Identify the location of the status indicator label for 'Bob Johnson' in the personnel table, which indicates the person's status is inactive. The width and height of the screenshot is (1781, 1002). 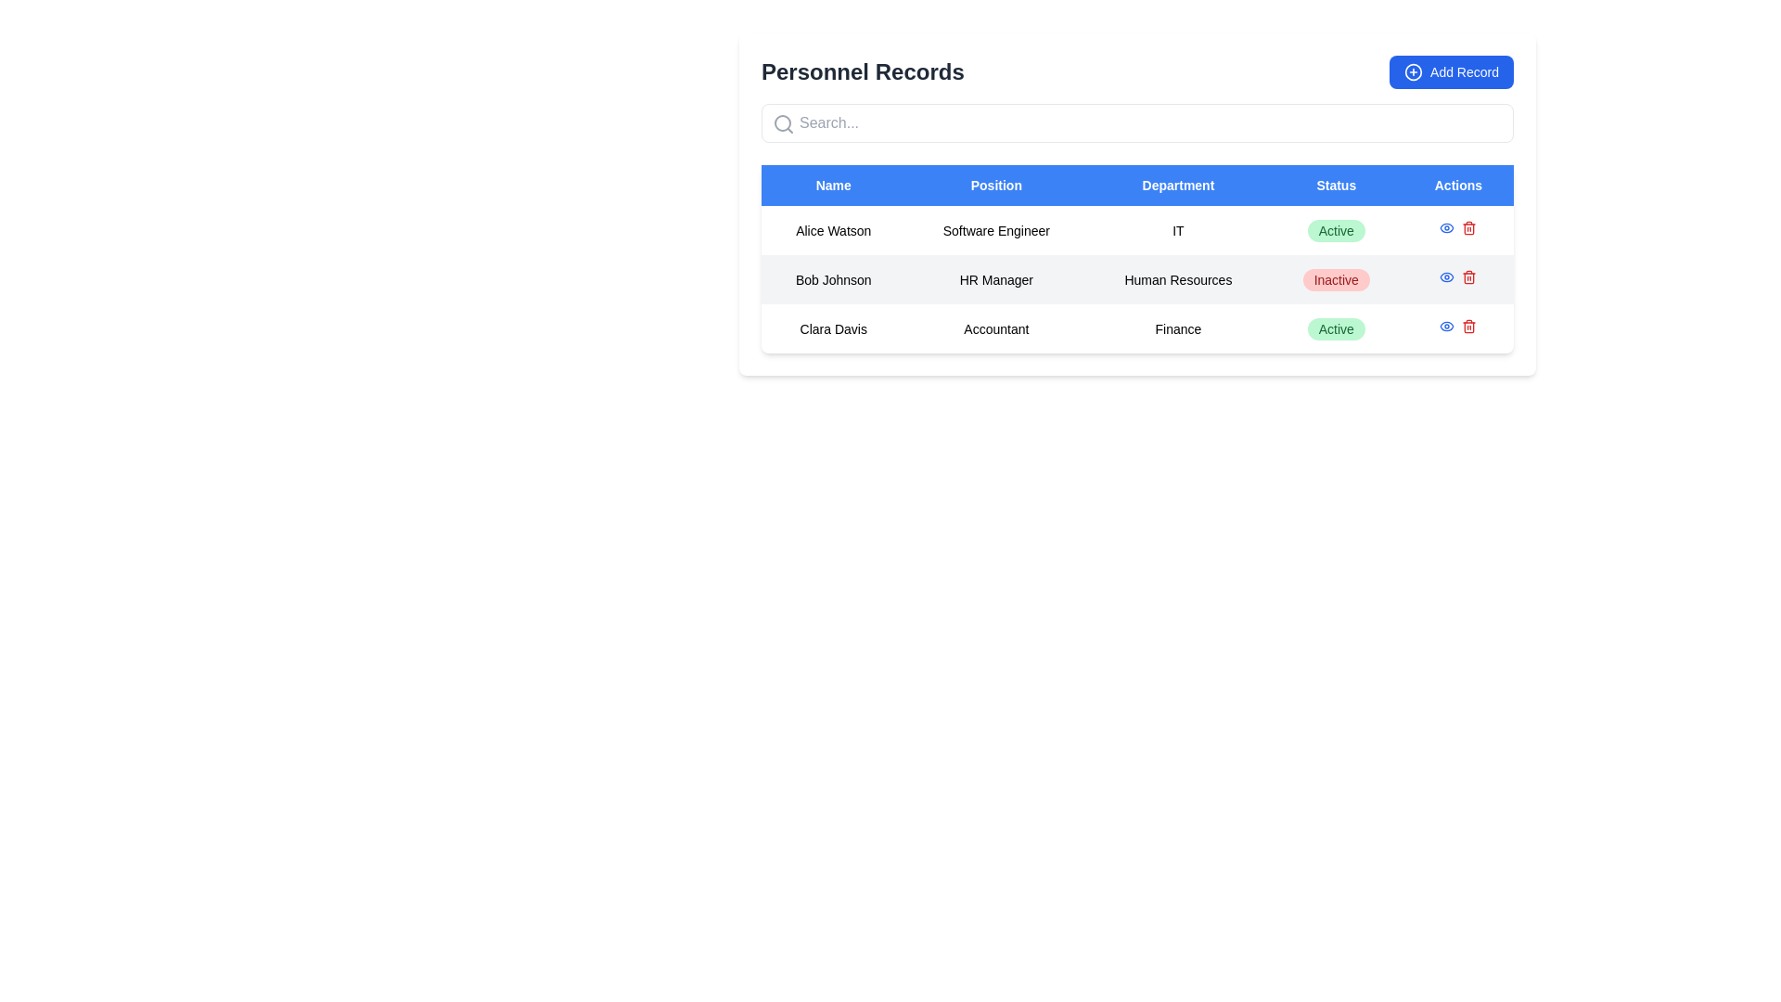
(1336, 279).